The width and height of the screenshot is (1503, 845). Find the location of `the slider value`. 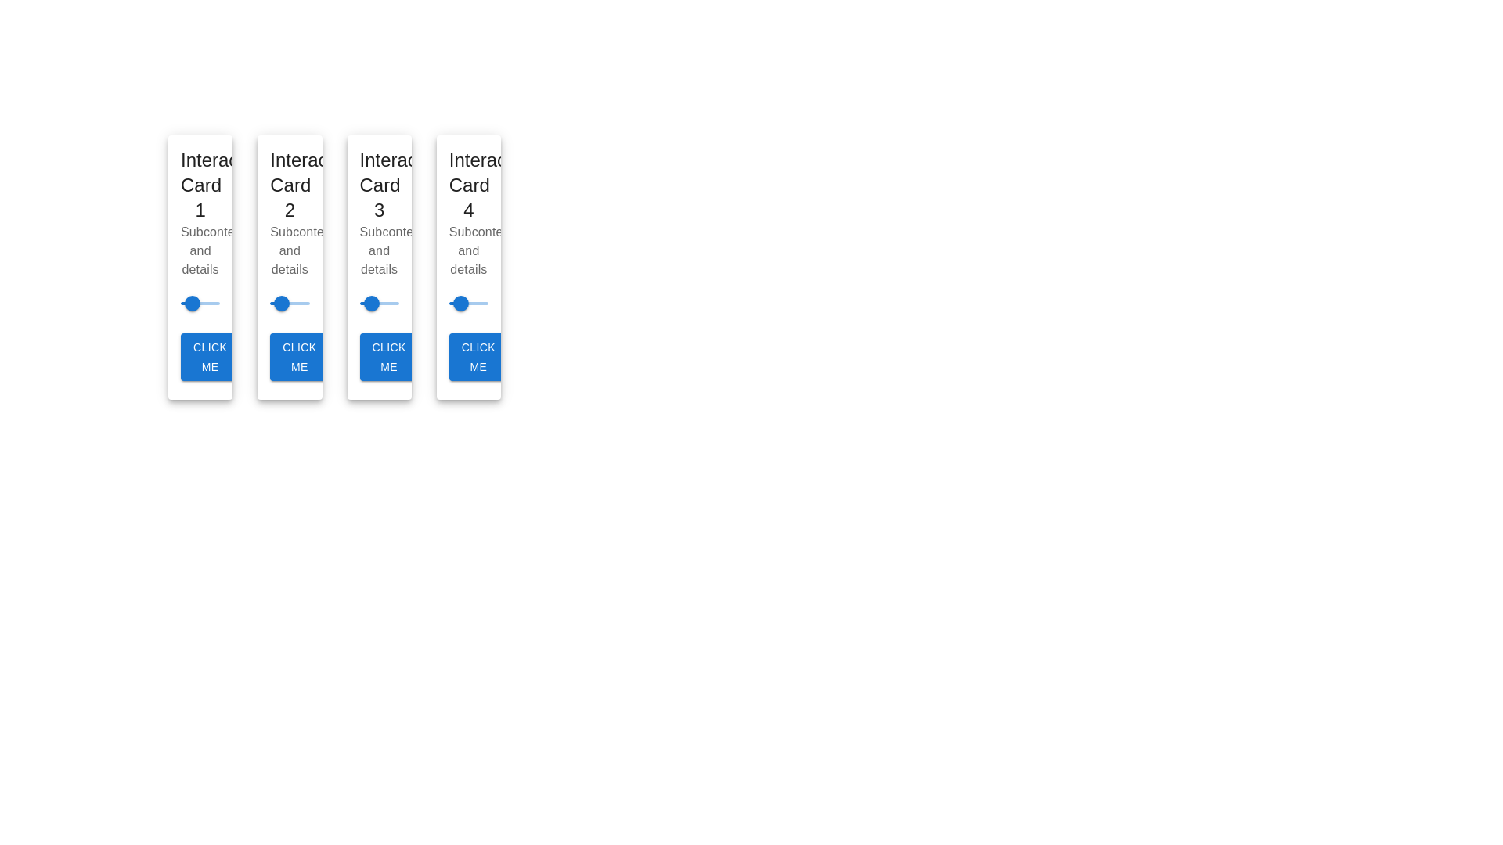

the slider value is located at coordinates (337, 304).